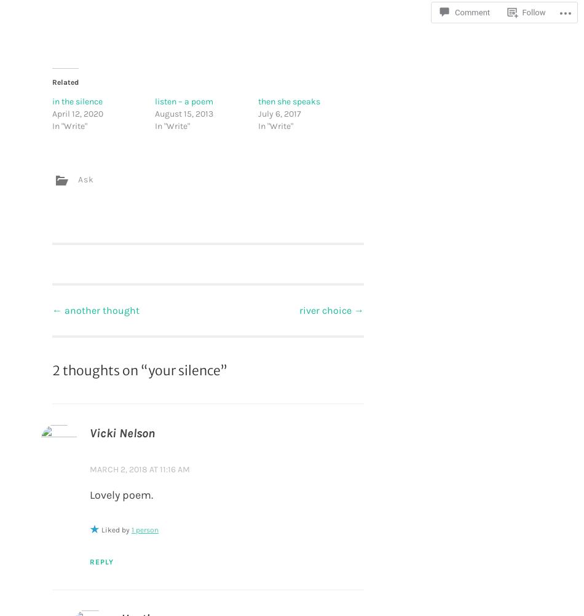  What do you see at coordinates (116, 529) in the screenshot?
I see `'Liked by'` at bounding box center [116, 529].